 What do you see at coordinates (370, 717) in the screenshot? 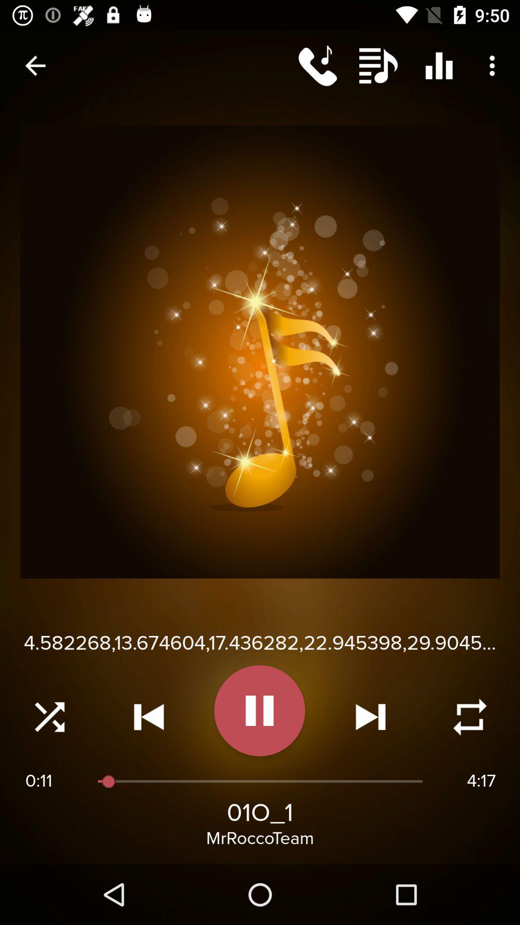
I see `skip to next song` at bounding box center [370, 717].